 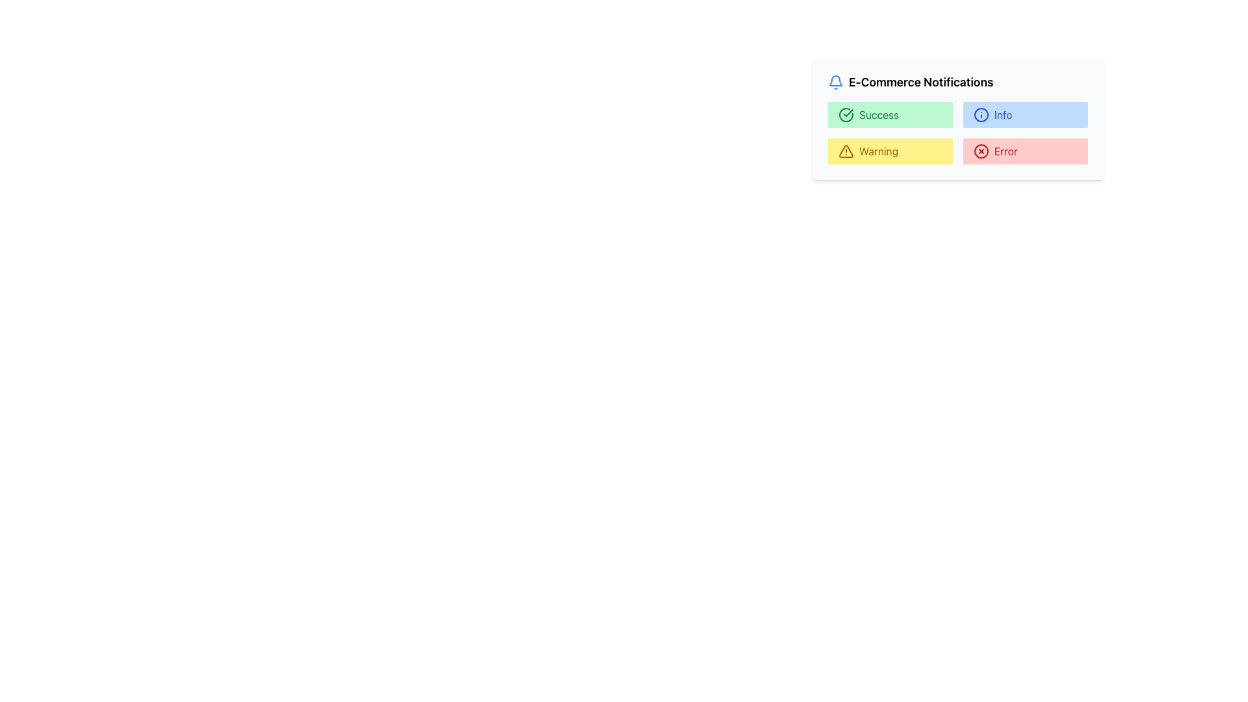 What do you see at coordinates (846, 150) in the screenshot?
I see `the warning icon within the 'Warning' button, which is the leftmost component in the vertical list of notification types` at bounding box center [846, 150].